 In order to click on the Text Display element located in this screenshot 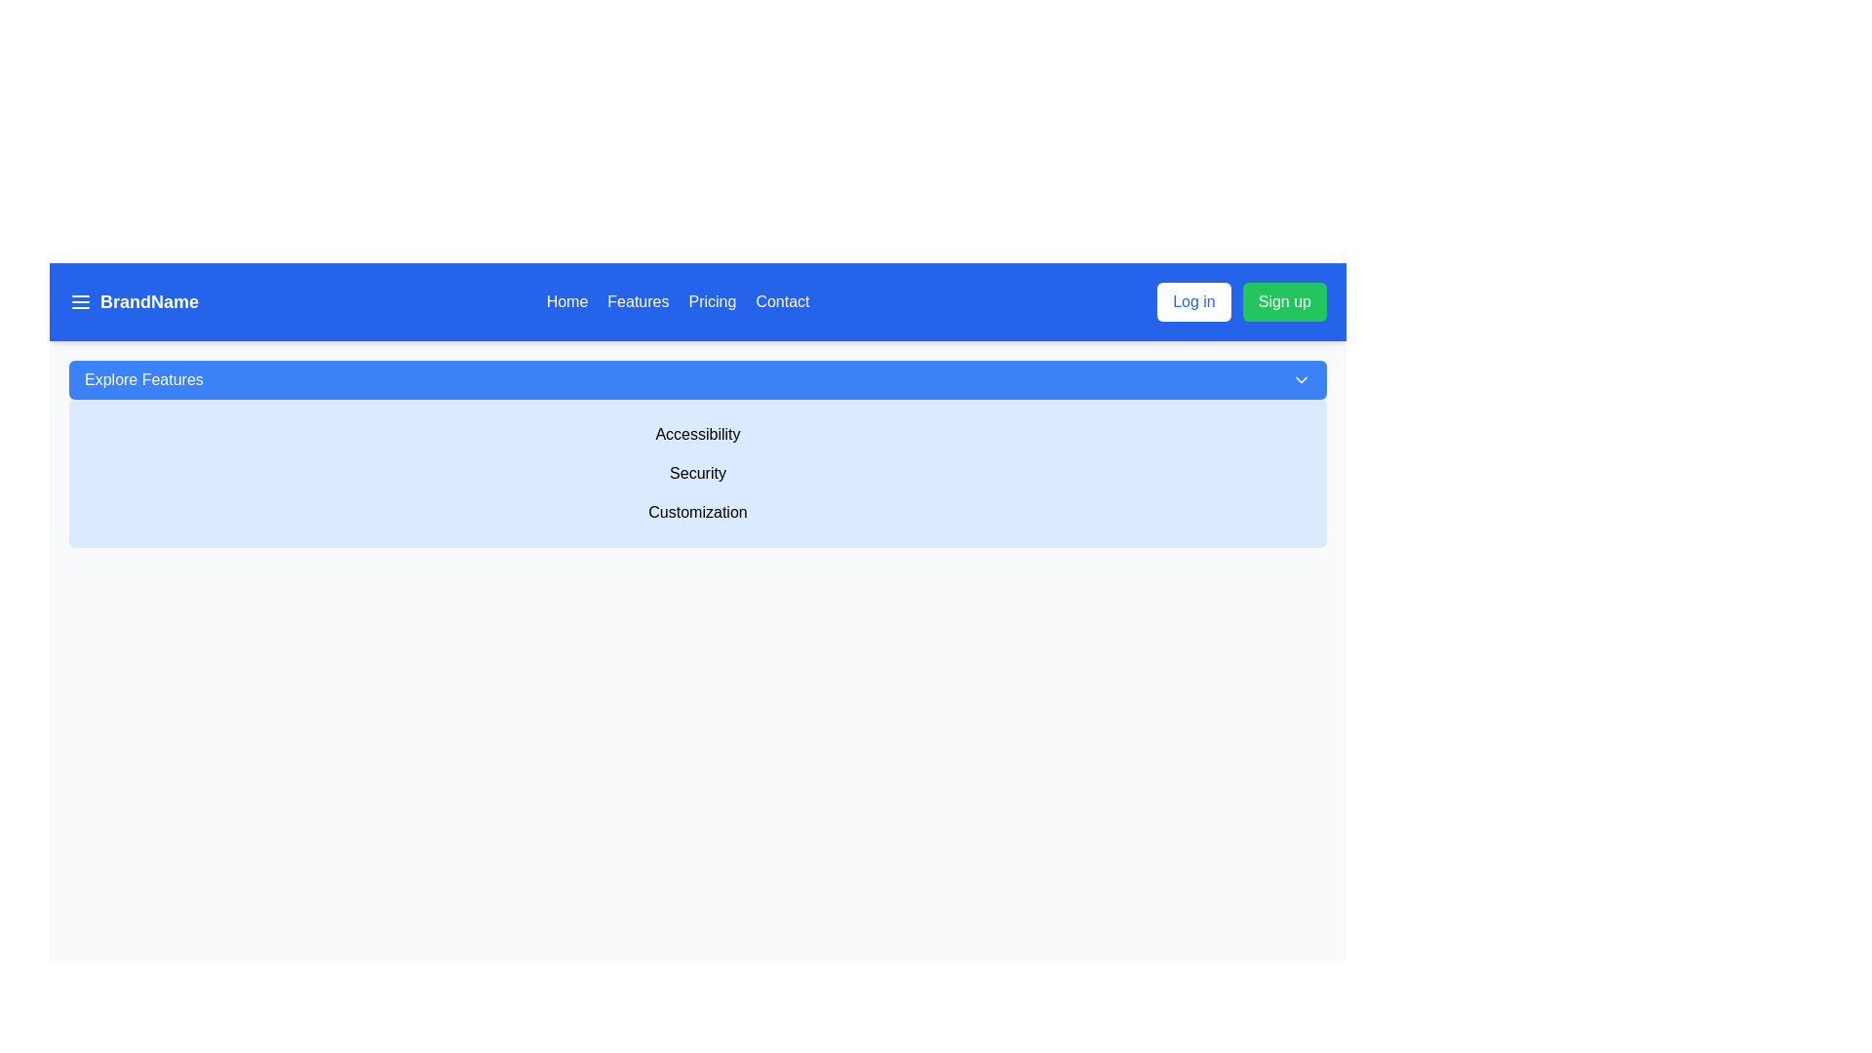, I will do `click(133, 301)`.